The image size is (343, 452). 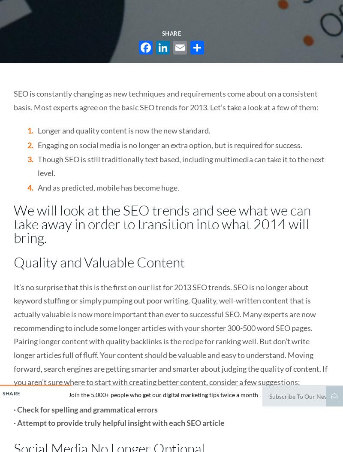 I want to click on '· Attempt to provide truly helpful insight with each SEO article', so click(x=119, y=423).